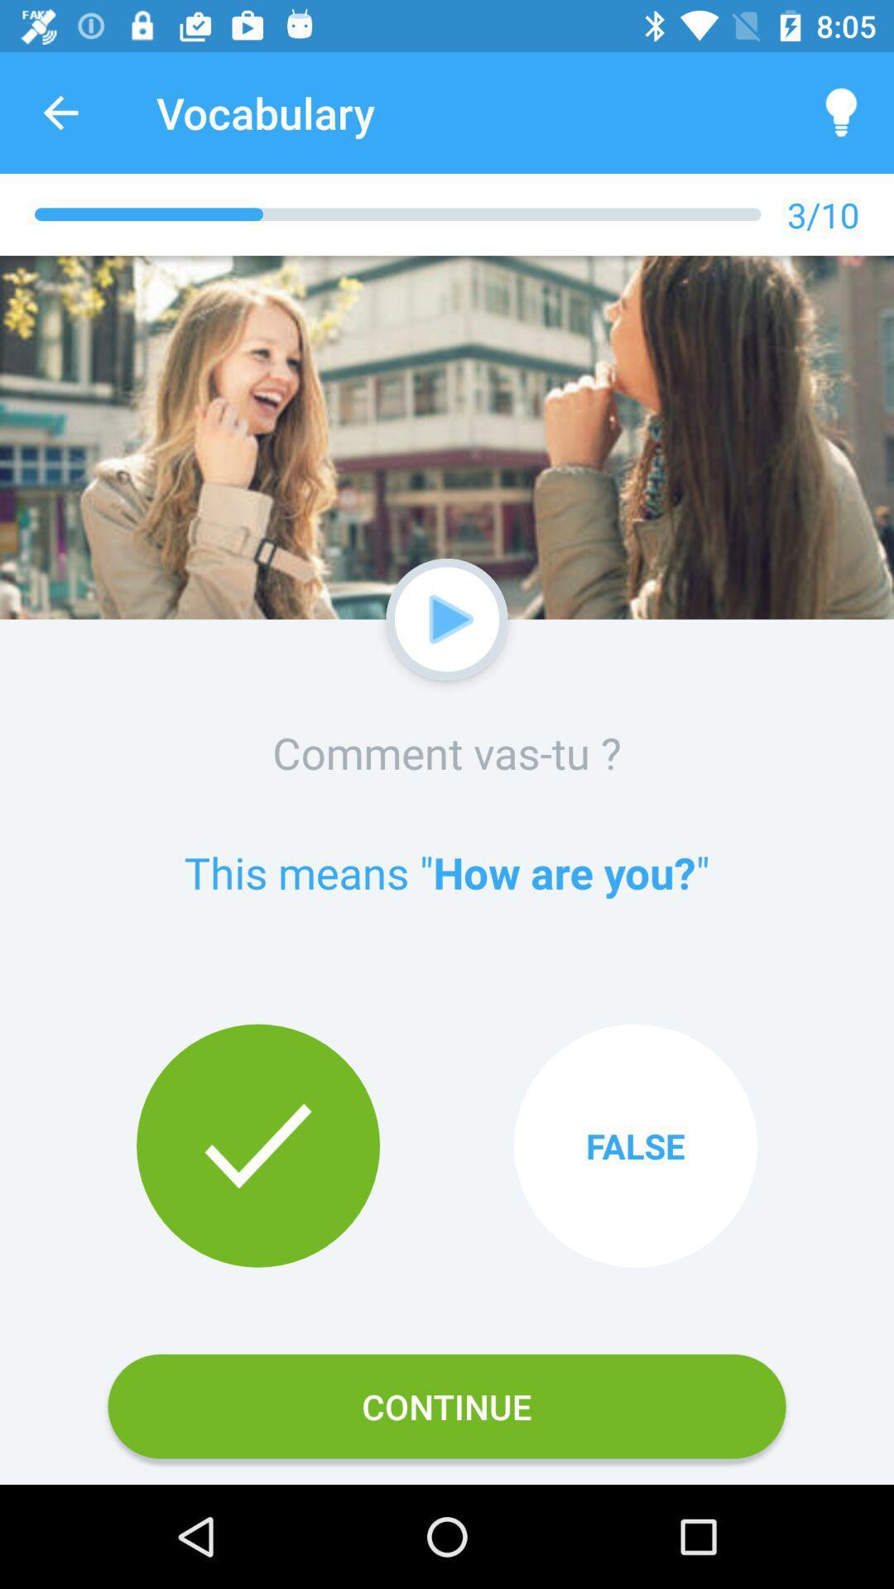 This screenshot has height=1589, width=894. I want to click on the icon below true item, so click(447, 1405).